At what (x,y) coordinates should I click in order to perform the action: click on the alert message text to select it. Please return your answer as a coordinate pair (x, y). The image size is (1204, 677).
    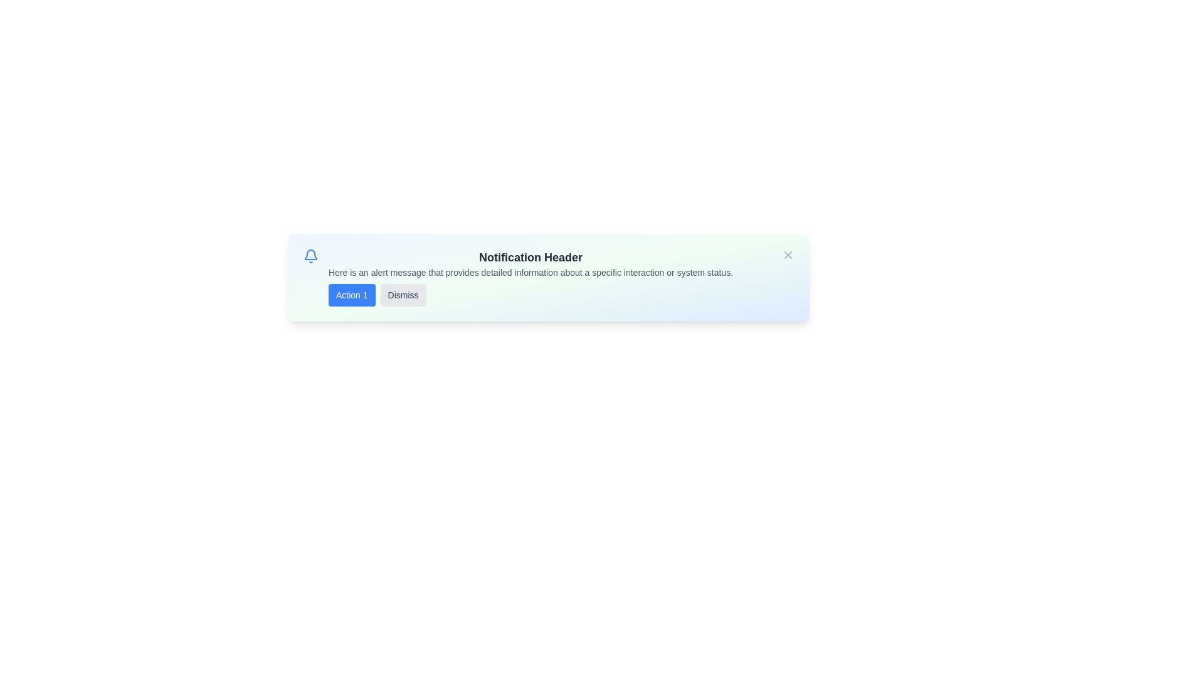
    Looking at the image, I should click on (531, 272).